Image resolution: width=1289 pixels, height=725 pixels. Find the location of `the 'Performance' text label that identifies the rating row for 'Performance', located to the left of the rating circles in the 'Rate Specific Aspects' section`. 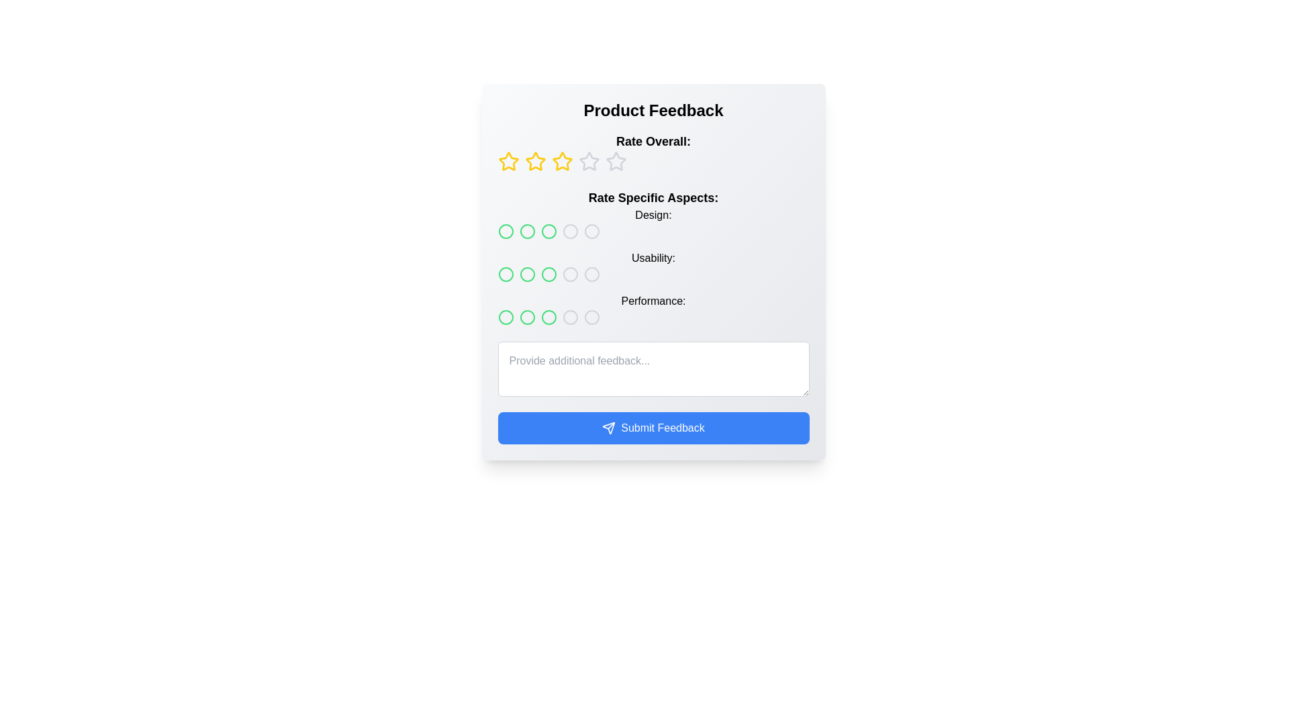

the 'Performance' text label that identifies the rating row for 'Performance', located to the left of the rating circles in the 'Rate Specific Aspects' section is located at coordinates (653, 300).